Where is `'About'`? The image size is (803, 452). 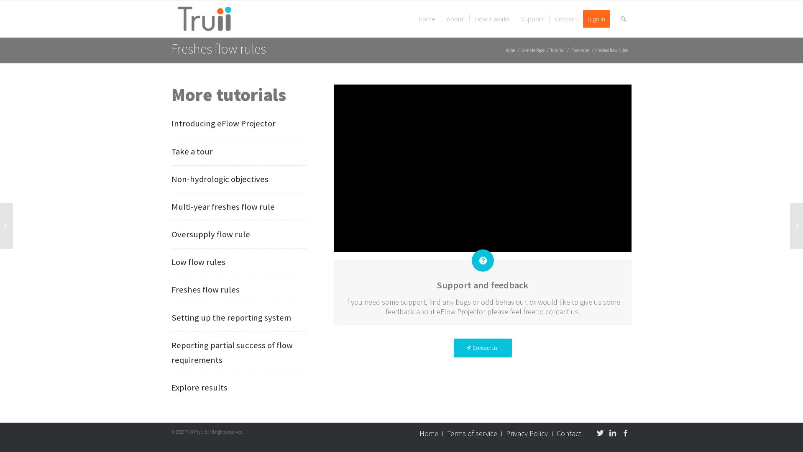 'About' is located at coordinates (455, 19).